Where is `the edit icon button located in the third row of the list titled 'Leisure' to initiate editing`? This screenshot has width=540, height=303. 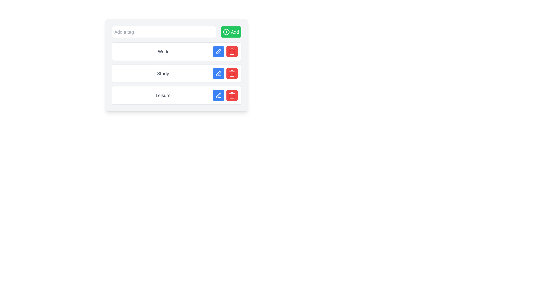
the edit icon button located in the third row of the list titled 'Leisure' to initiate editing is located at coordinates (218, 95).